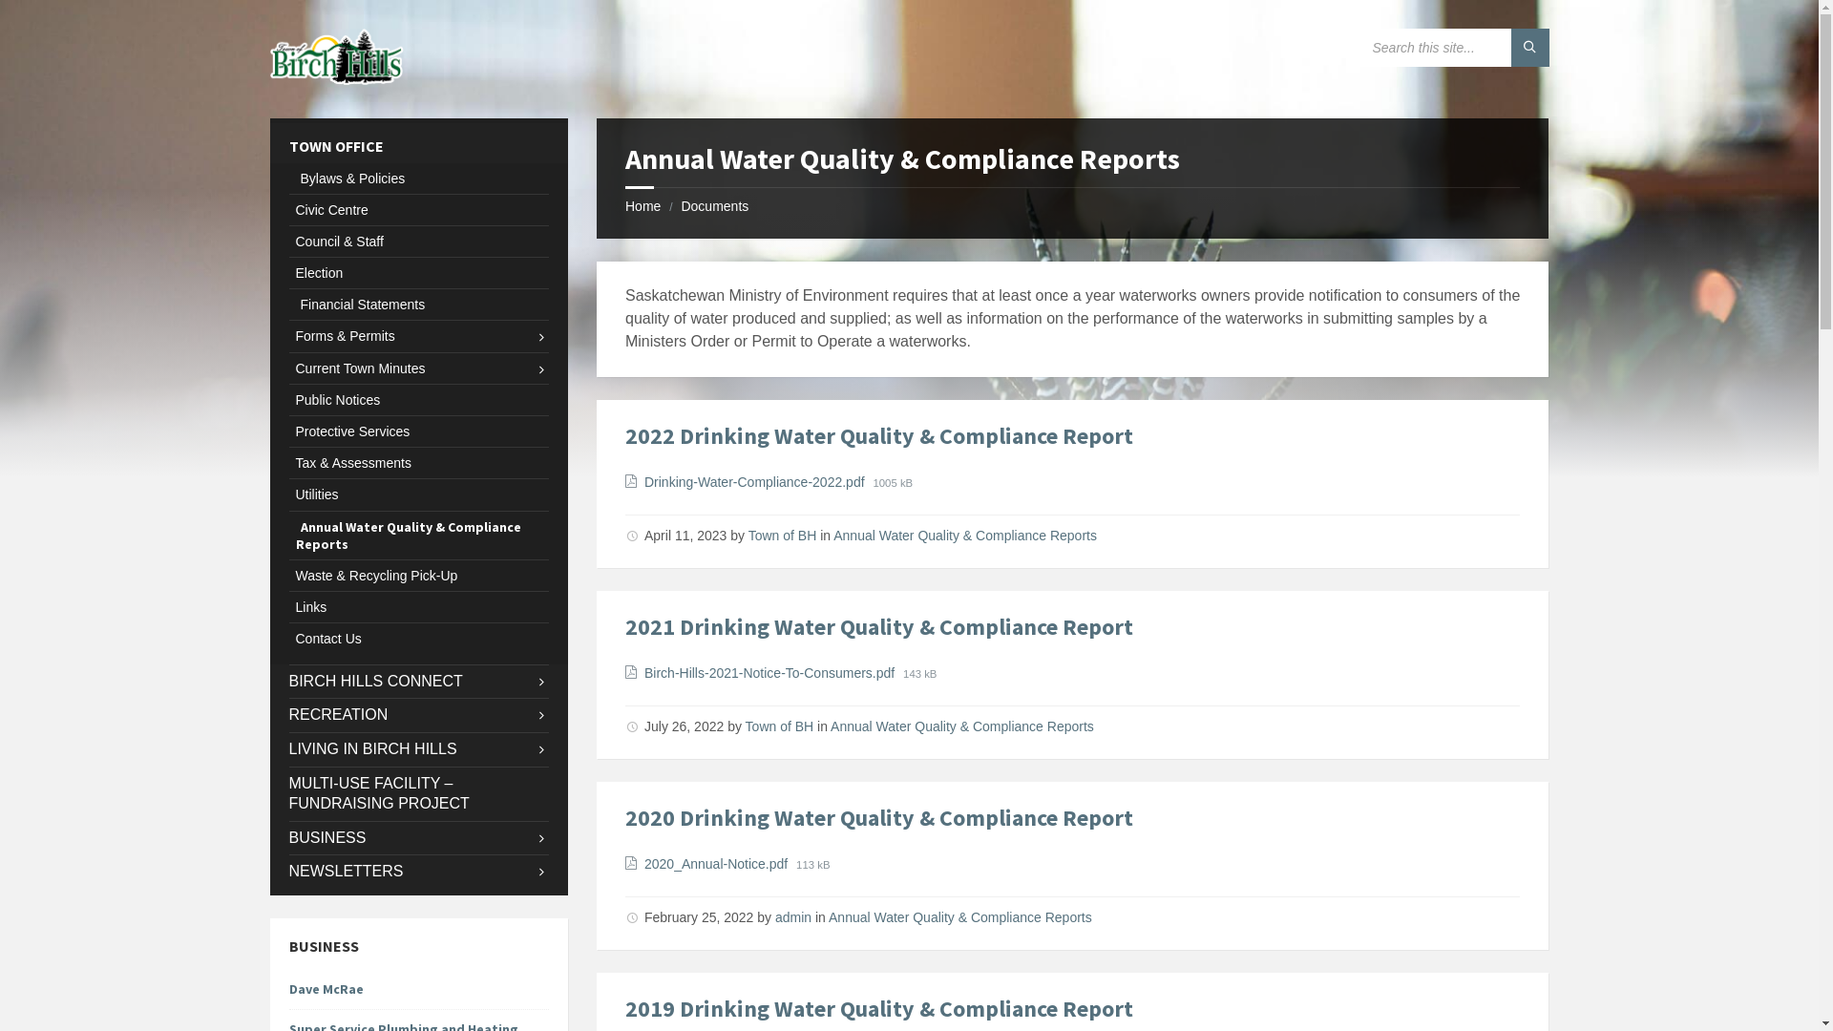 The width and height of the screenshot is (1833, 1031). Describe the element at coordinates (416, 872) in the screenshot. I see `'NEWSLETTERS'` at that location.